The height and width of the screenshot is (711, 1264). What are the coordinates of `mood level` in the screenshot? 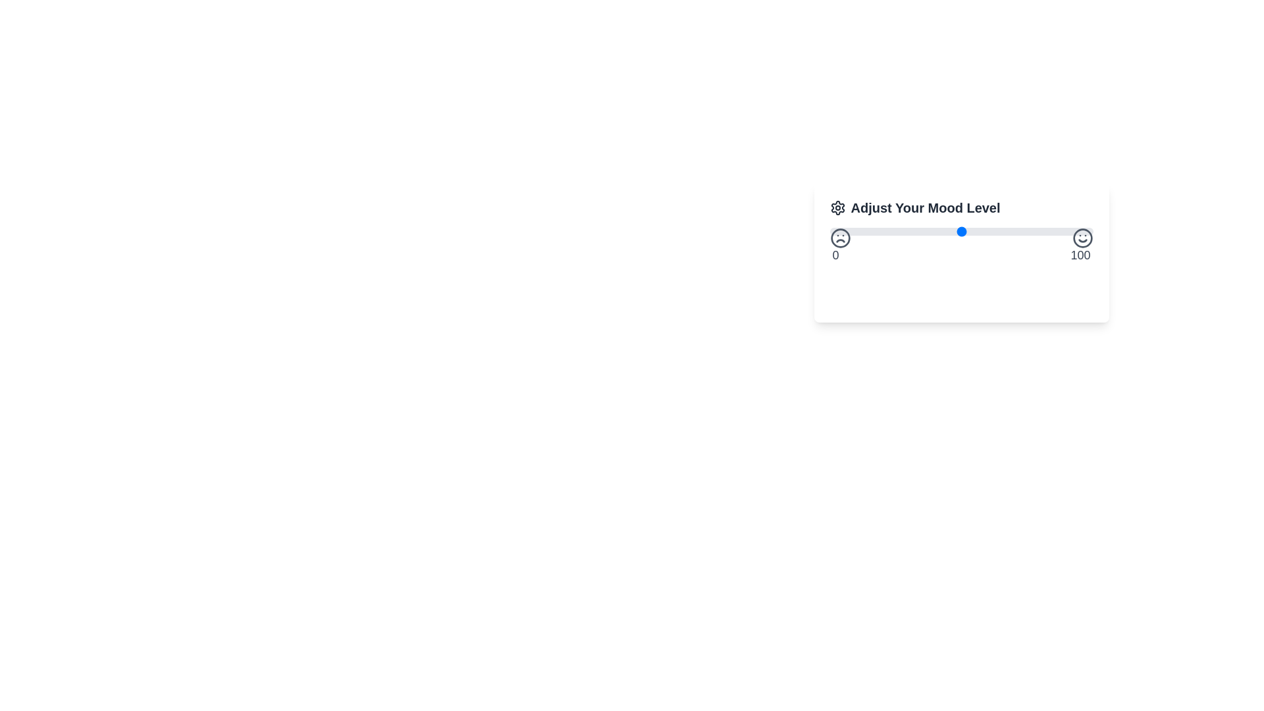 It's located at (837, 230).